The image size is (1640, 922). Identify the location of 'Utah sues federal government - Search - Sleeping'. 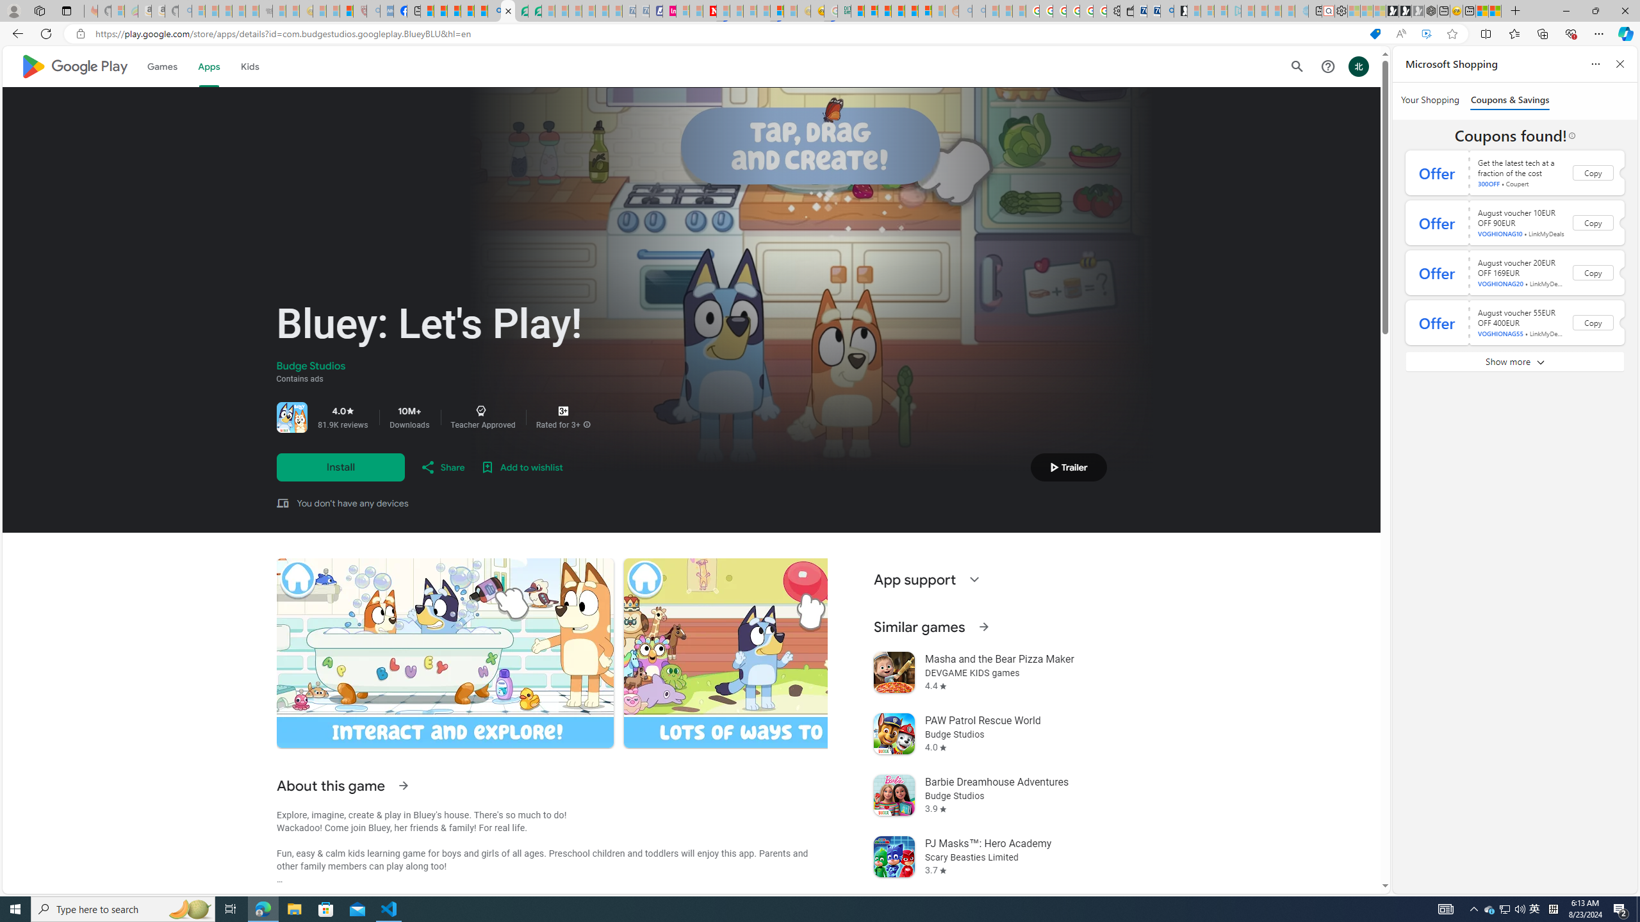
(978, 10).